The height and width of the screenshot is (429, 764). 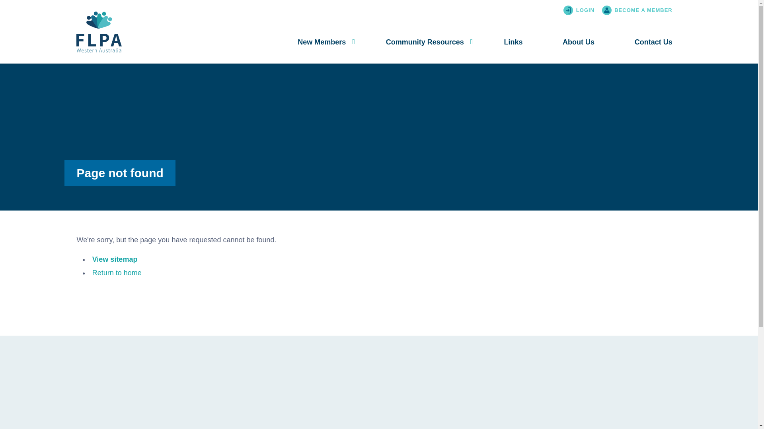 What do you see at coordinates (322, 42) in the screenshot?
I see `'New Members'` at bounding box center [322, 42].